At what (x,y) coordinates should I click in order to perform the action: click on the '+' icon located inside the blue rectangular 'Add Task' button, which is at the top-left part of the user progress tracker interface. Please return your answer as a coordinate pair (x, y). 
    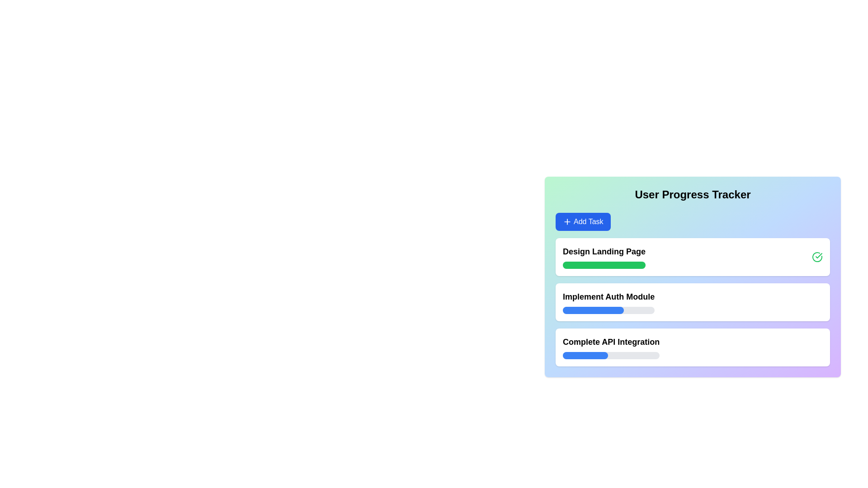
    Looking at the image, I should click on (566, 221).